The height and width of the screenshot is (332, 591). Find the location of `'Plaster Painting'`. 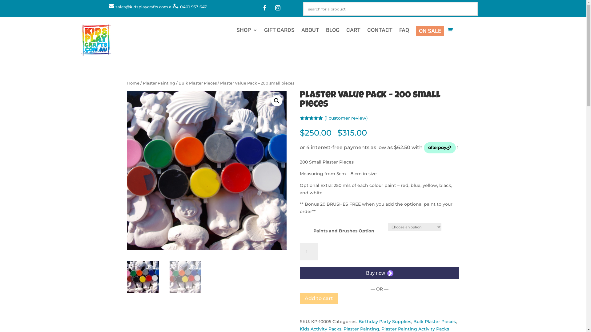

'Plaster Painting' is located at coordinates (361, 328).